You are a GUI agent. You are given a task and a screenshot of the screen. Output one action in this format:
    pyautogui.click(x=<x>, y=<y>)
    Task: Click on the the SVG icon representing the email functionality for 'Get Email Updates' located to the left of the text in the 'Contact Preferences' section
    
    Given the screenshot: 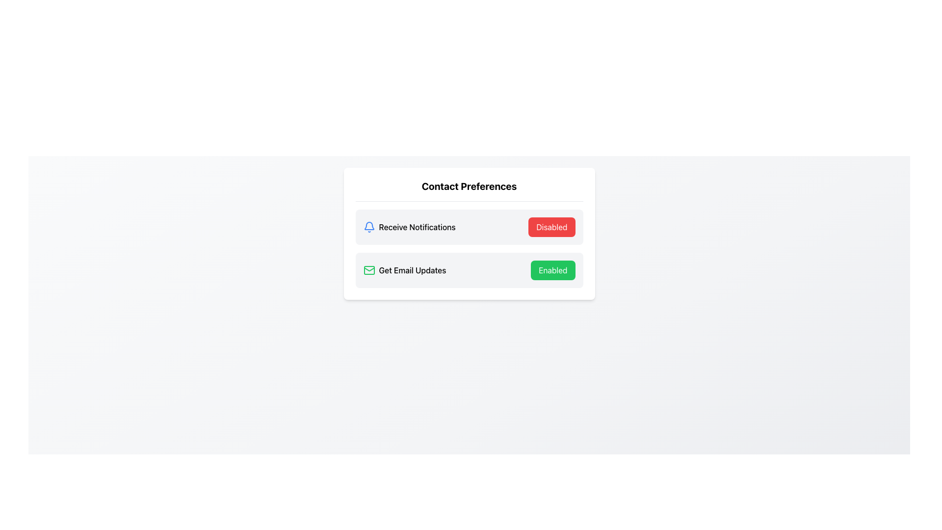 What is the action you would take?
    pyautogui.click(x=368, y=270)
    